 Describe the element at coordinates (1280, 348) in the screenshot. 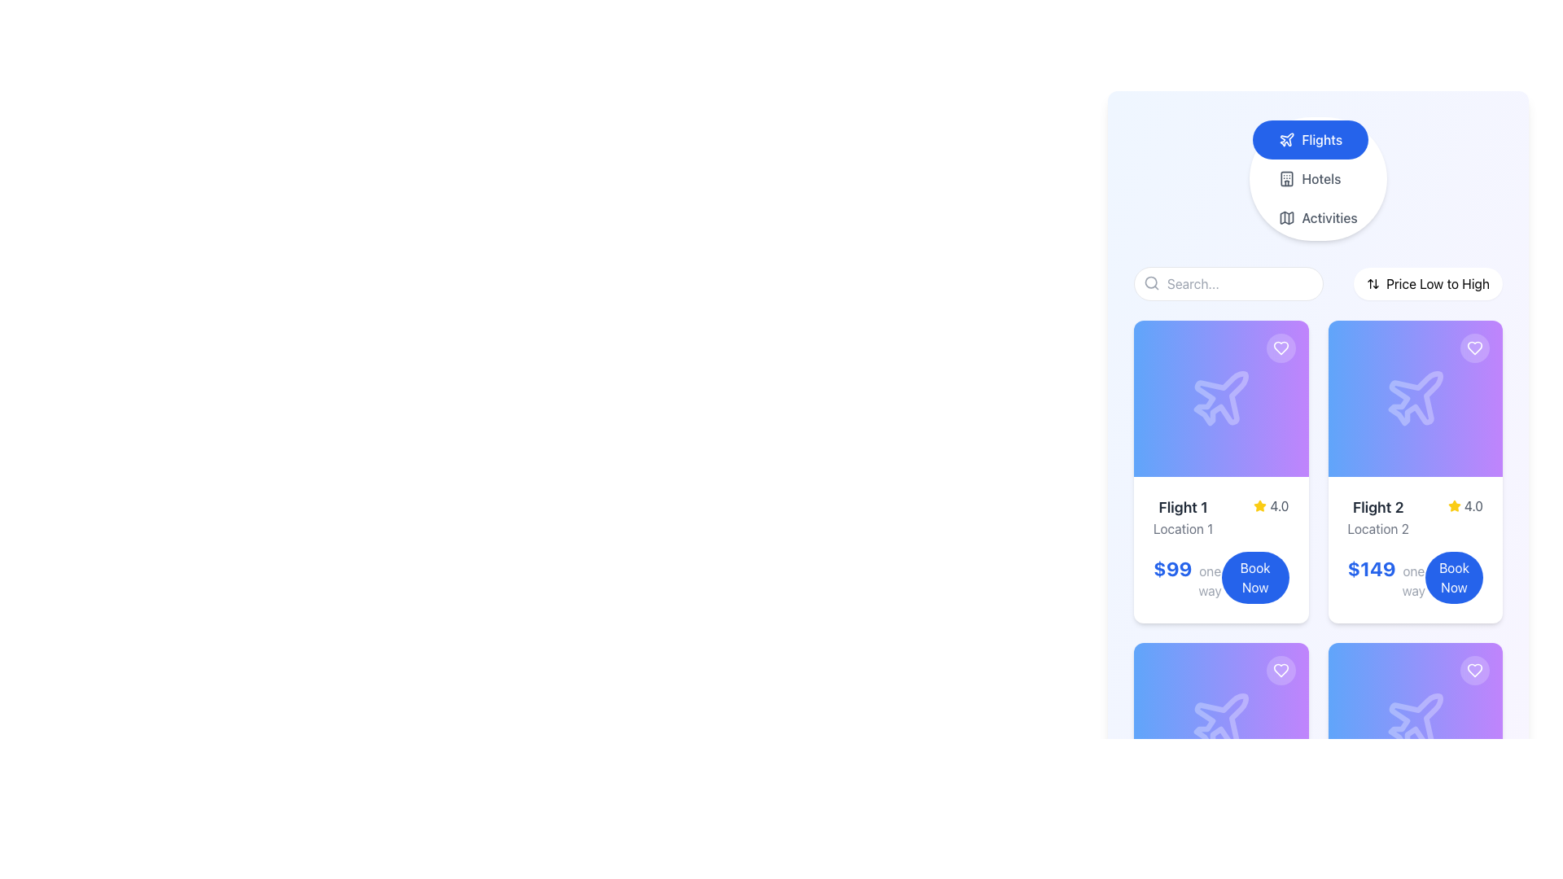

I see `the 'Favorite' button located at the top-right corner of the 'Flight 1' card to mark or unmark the associated flight option as a favorite` at that location.